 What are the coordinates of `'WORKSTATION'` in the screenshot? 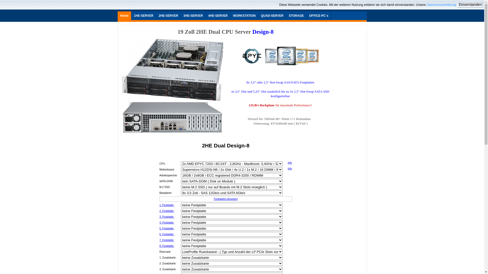 It's located at (244, 15).